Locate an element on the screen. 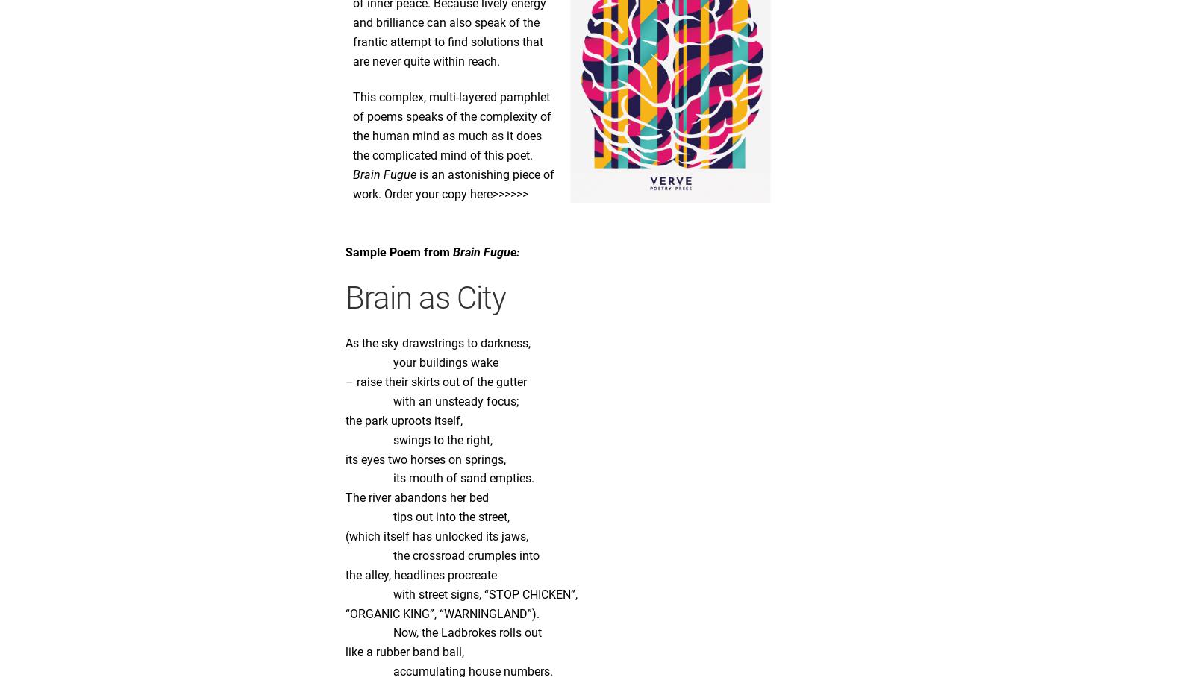  'with an unsteady focus;' is located at coordinates (431, 400).